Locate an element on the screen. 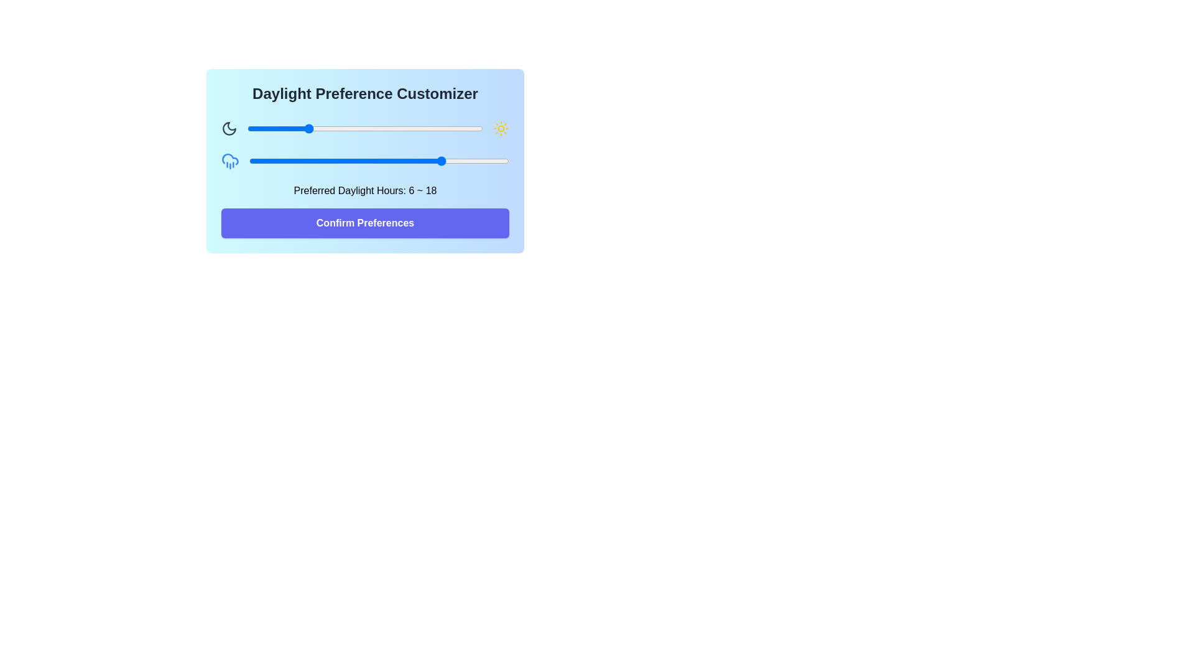 Image resolution: width=1194 pixels, height=672 pixels. the daylight preference is located at coordinates (292, 160).